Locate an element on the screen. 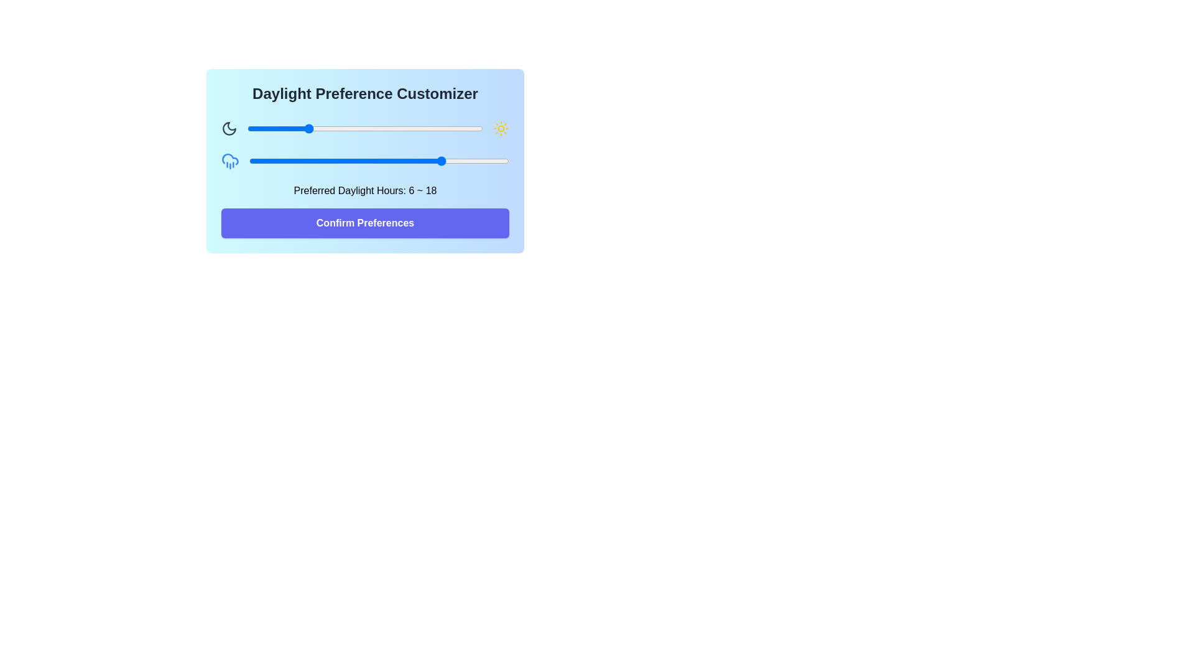 Image resolution: width=1194 pixels, height=672 pixels. the daylight preference is located at coordinates (292, 160).